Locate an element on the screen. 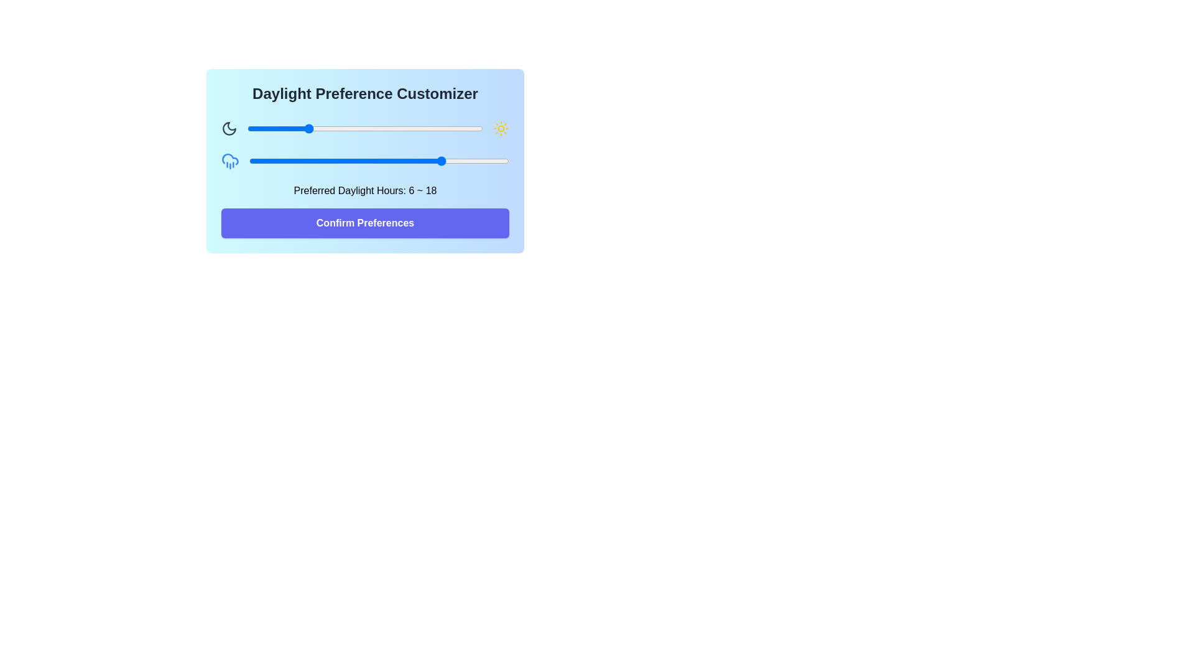 Image resolution: width=1194 pixels, height=672 pixels. the daylight preference is located at coordinates (292, 160).